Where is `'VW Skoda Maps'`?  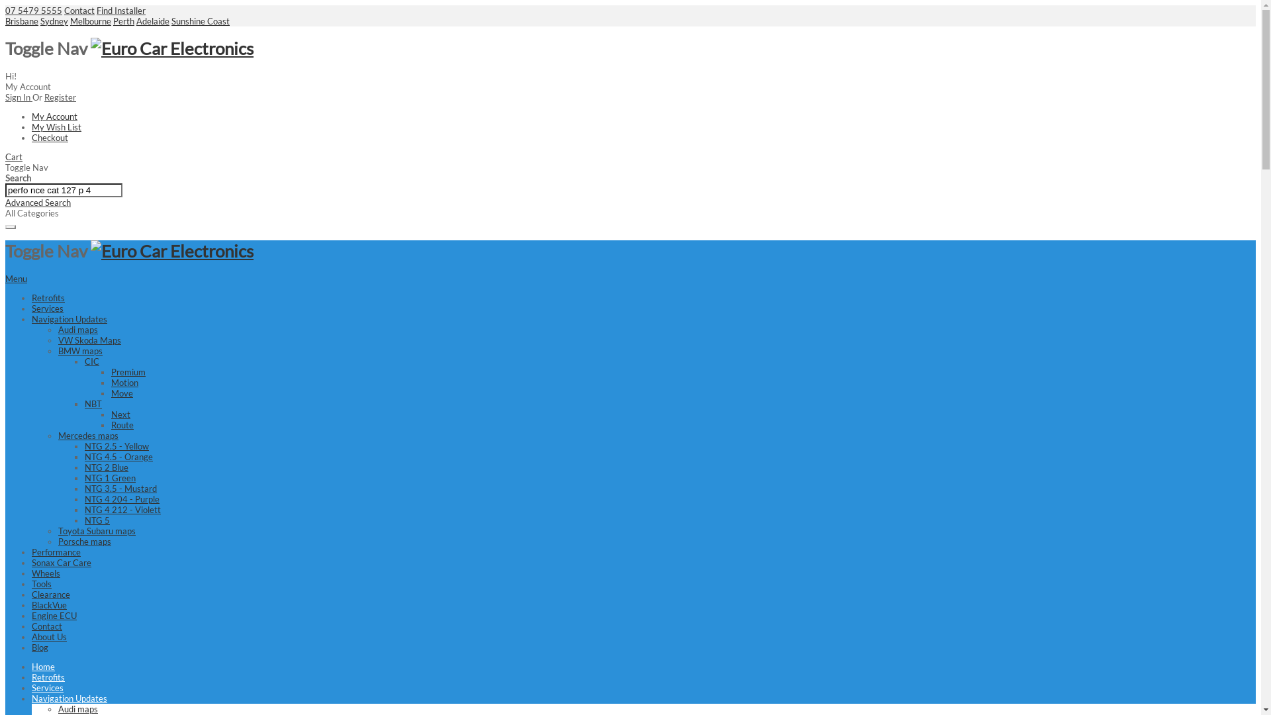
'VW Skoda Maps' is located at coordinates (89, 339).